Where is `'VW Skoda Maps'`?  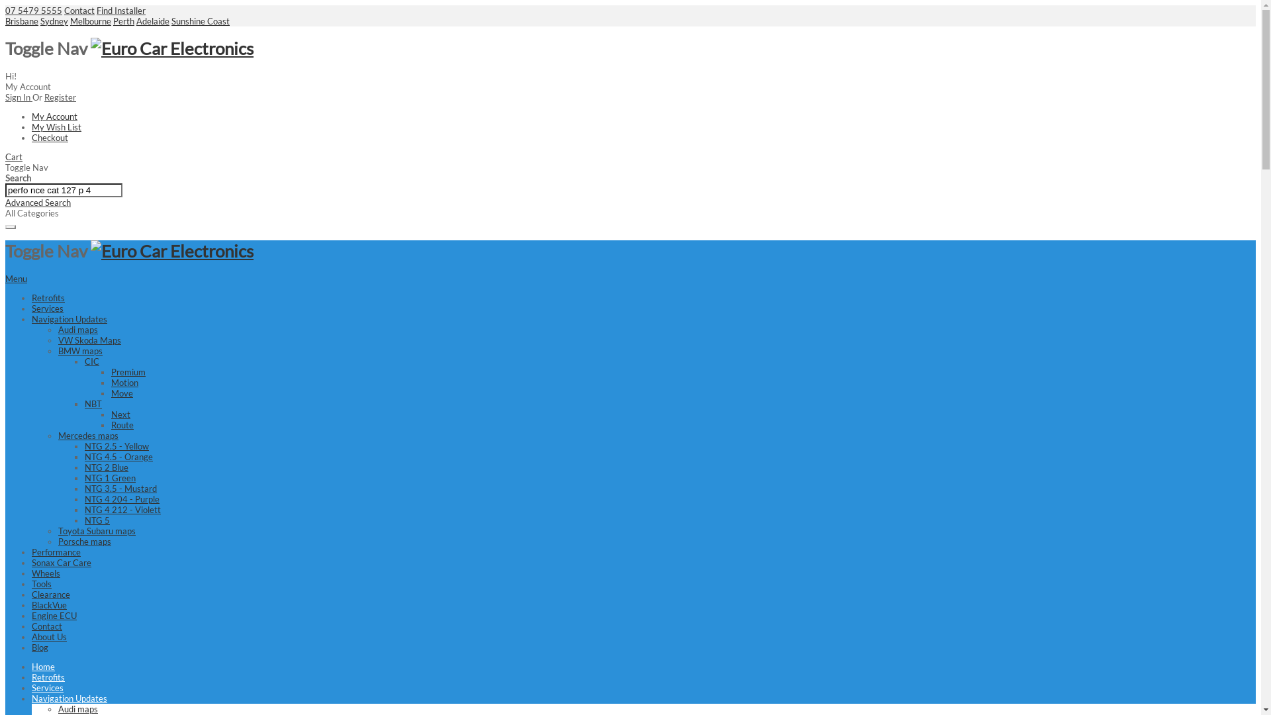
'VW Skoda Maps' is located at coordinates (89, 339).